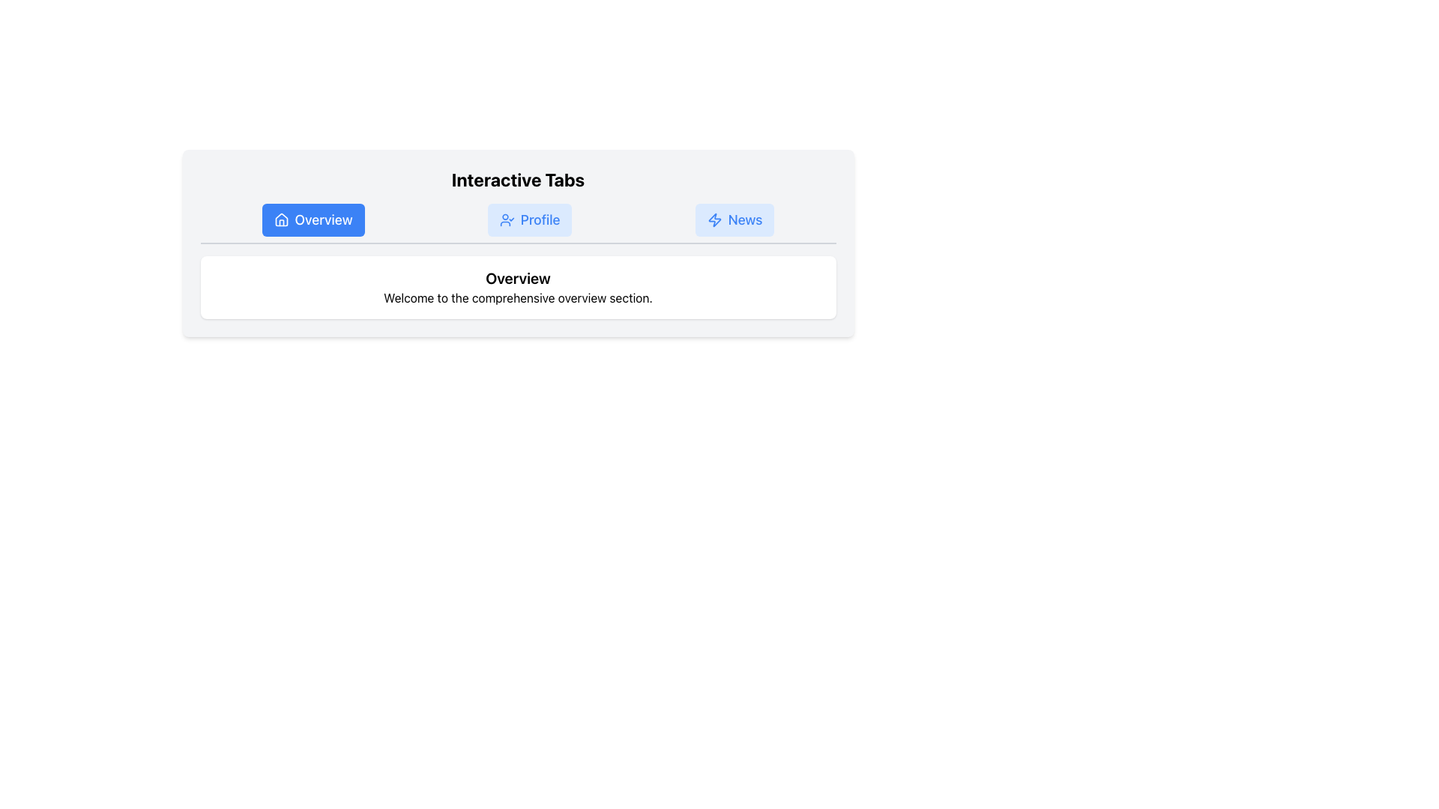 The height and width of the screenshot is (809, 1439). I want to click on the 'Profile' button, which is a rectangular button with a light blue background and blue text, located between the 'Overview' and 'News' buttons at the top-center of the interface, so click(530, 219).